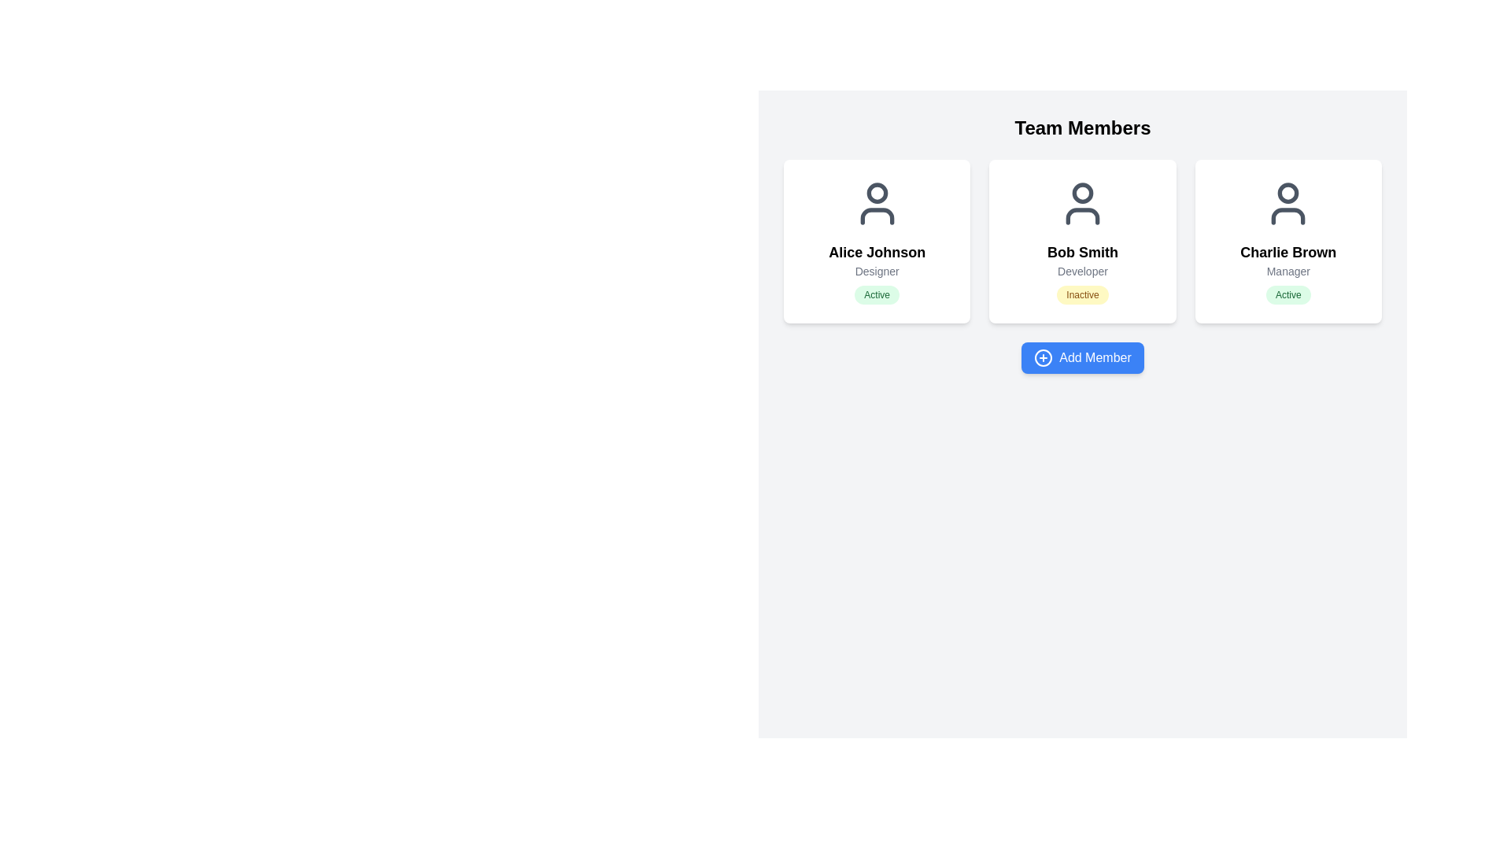 The height and width of the screenshot is (850, 1511). What do you see at coordinates (1288, 270) in the screenshot?
I see `the text label that identifies Charlie Brown as 'Manager', which is located under the text 'Charlie Brown' and above the status indicator 'Active'` at bounding box center [1288, 270].